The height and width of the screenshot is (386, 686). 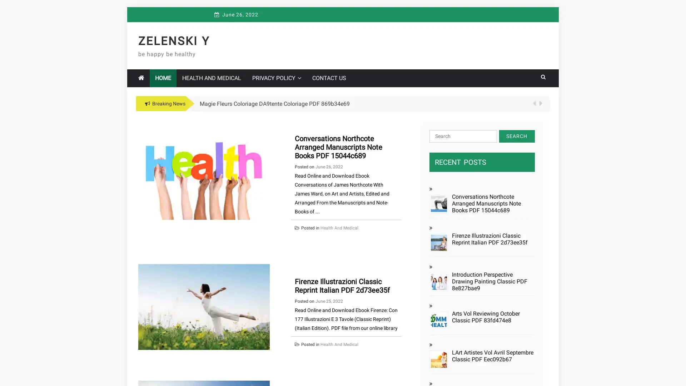 I want to click on Search, so click(x=516, y=136).